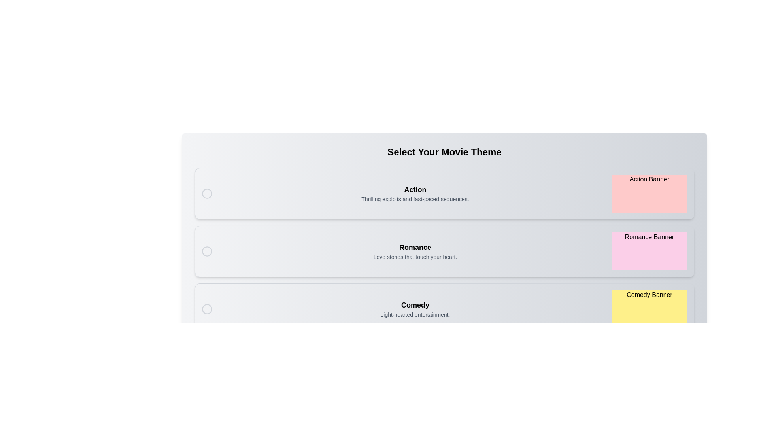 The image size is (759, 427). What do you see at coordinates (415, 309) in the screenshot?
I see `the Text Block containing the title 'Comedy' and the description 'Light-hearted entertainment', which is centrally aligned in the third option box from the top` at bounding box center [415, 309].